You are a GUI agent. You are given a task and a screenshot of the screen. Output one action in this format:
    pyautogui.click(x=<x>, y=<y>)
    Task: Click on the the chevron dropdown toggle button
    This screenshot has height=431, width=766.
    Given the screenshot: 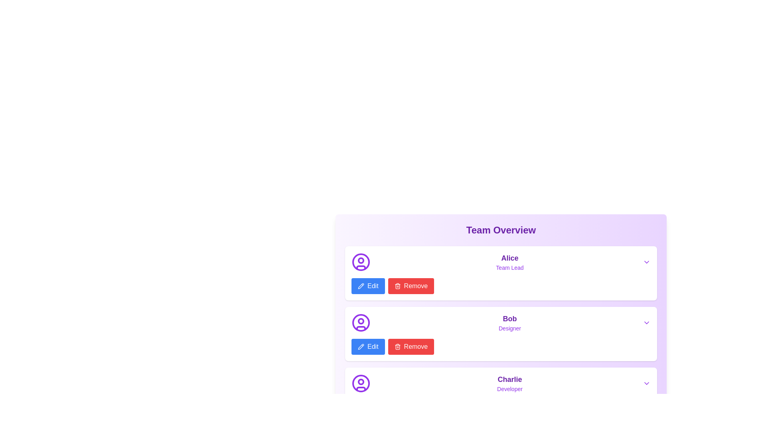 What is the action you would take?
    pyautogui.click(x=647, y=383)
    